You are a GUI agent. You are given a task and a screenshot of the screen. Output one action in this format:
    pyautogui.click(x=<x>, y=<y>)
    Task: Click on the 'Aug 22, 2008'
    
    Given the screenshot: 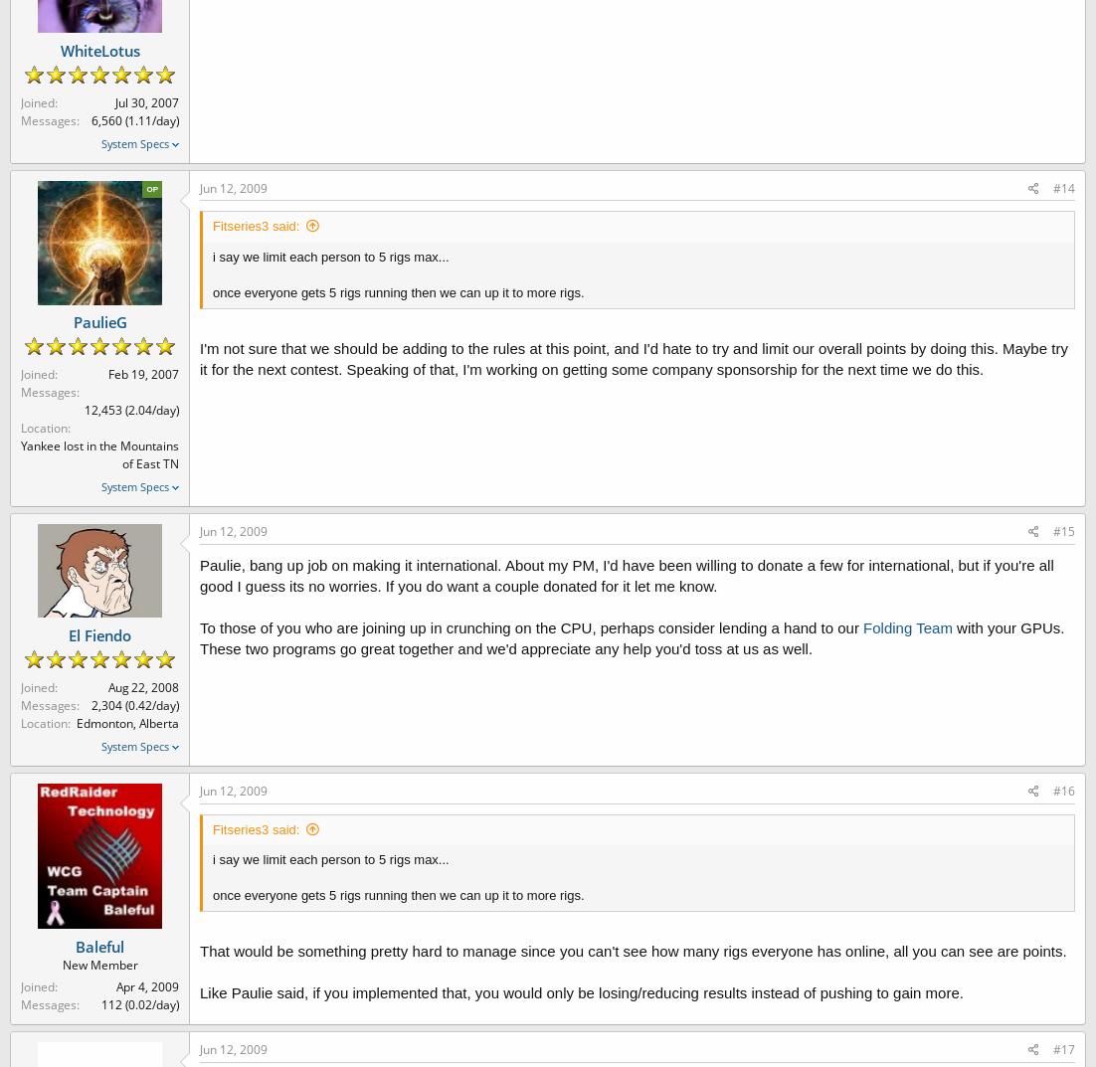 What is the action you would take?
    pyautogui.click(x=142, y=686)
    